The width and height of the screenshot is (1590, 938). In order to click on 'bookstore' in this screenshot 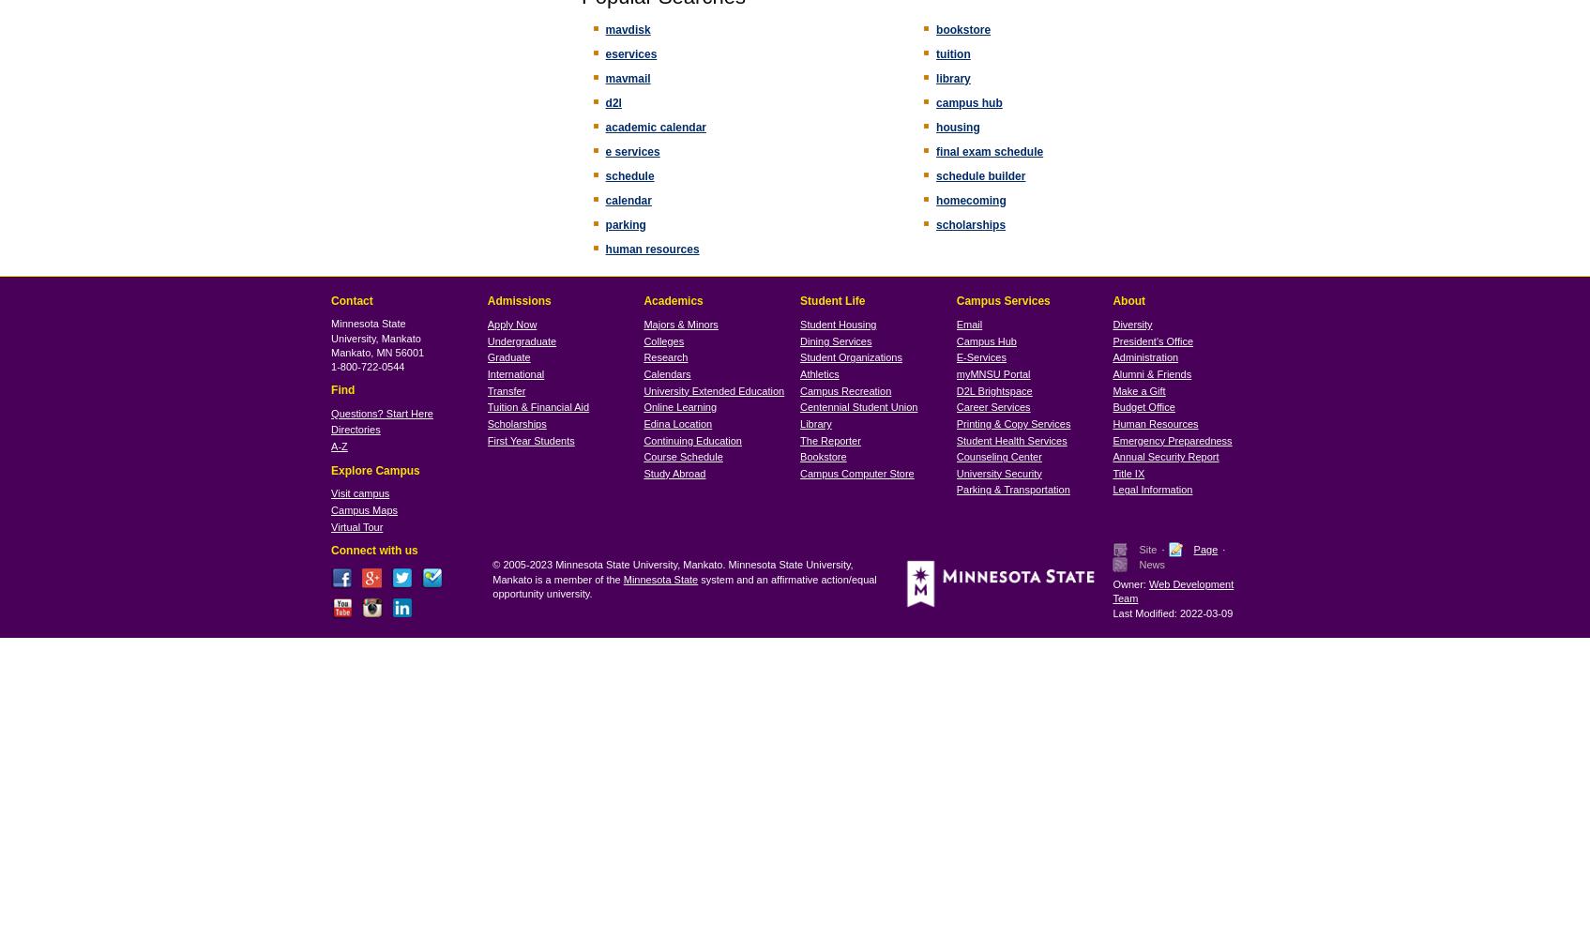, I will do `click(962, 29)`.